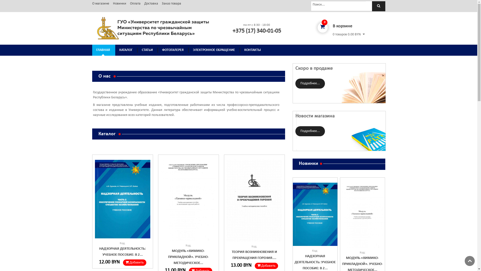 The image size is (481, 271). Describe the element at coordinates (257, 31) in the screenshot. I see `'+375 (17) 340-01-05'` at that location.